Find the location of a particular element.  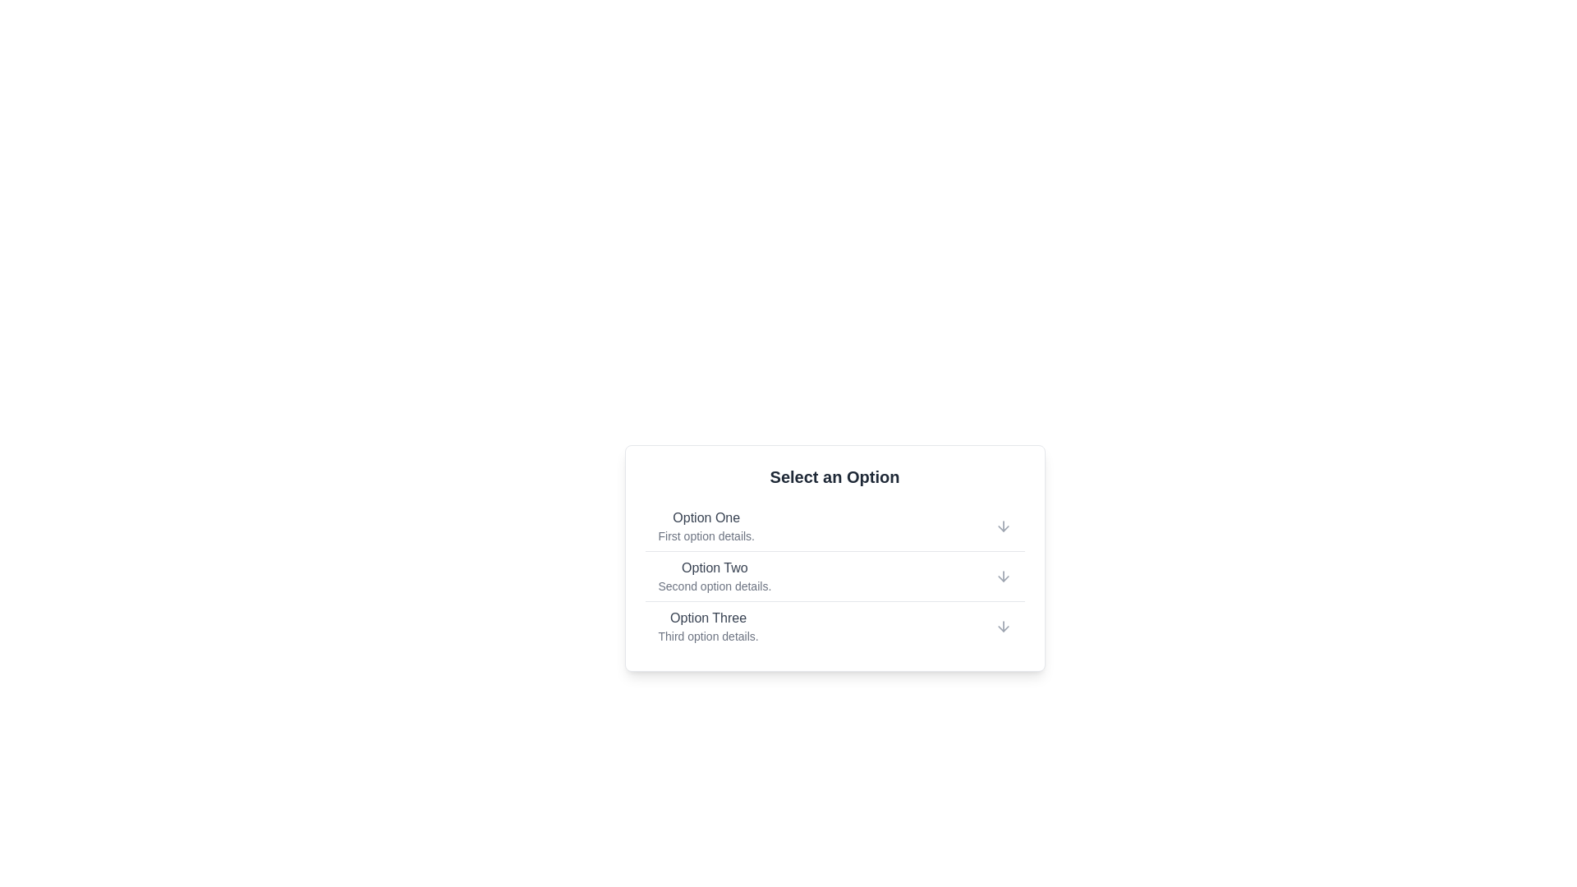

the interactive list item titled 'Option Two' to trigger the highlight effect is located at coordinates (834, 575).